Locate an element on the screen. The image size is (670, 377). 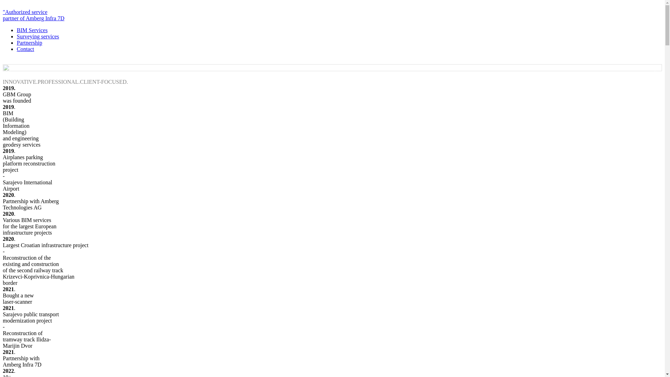
'"Authorized service is located at coordinates (3, 18).